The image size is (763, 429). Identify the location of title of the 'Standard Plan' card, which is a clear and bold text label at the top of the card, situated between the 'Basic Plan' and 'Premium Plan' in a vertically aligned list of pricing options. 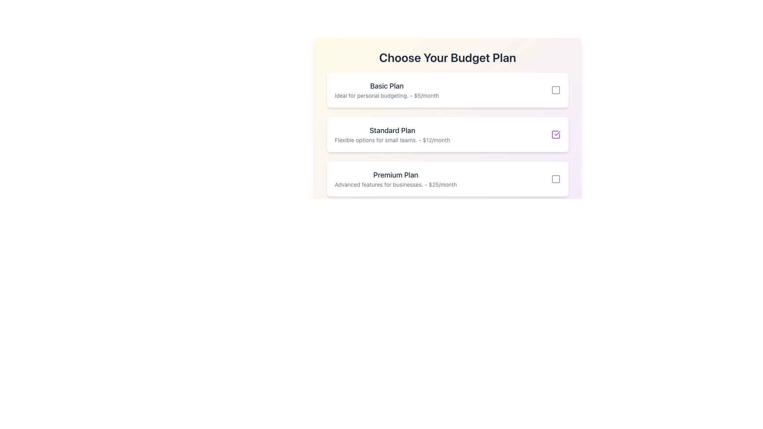
(392, 130).